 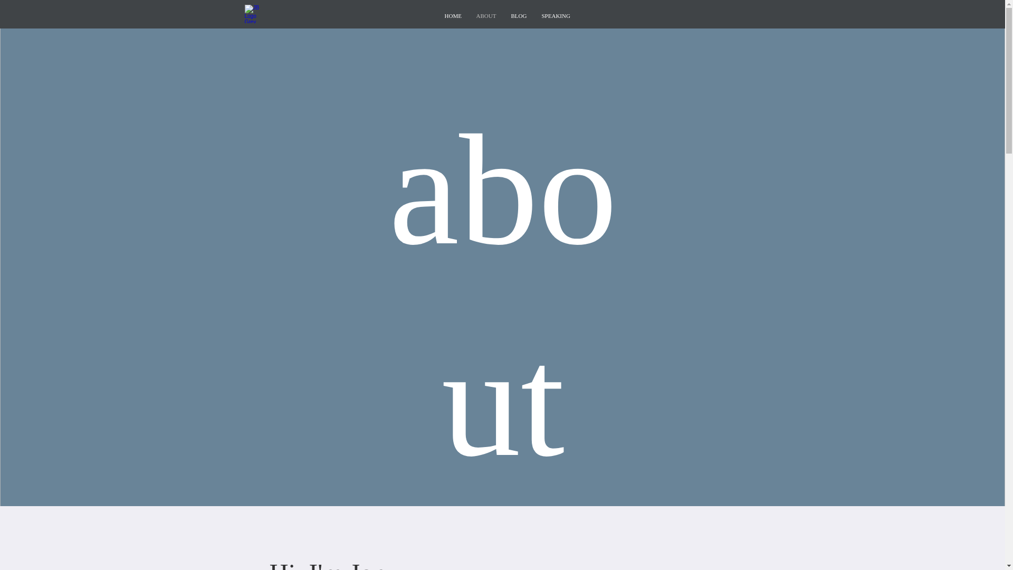 What do you see at coordinates (519, 16) in the screenshot?
I see `'BLOG'` at bounding box center [519, 16].